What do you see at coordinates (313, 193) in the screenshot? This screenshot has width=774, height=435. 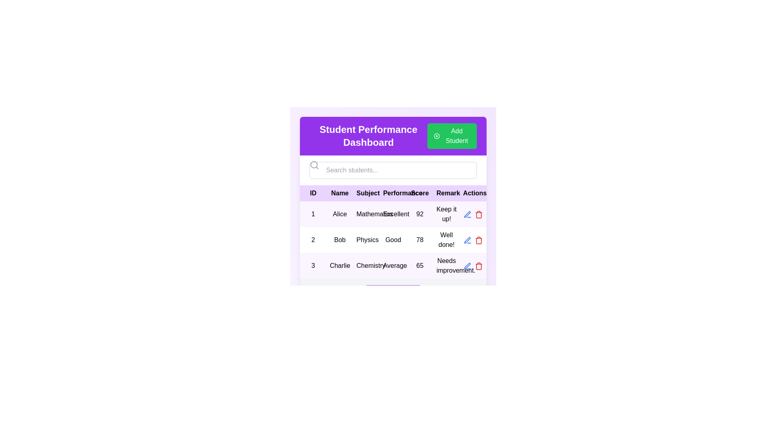 I see `the header label for the 'ID' column, which is the first item in the horizontal row of category headers at the top-left of the table` at bounding box center [313, 193].